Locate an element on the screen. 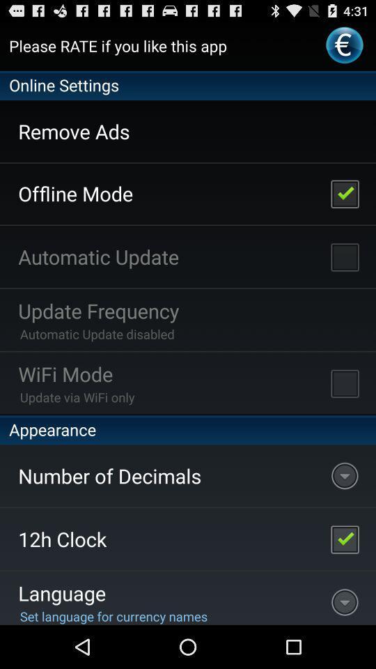 This screenshot has height=669, width=376. offline mode is located at coordinates (344, 192).